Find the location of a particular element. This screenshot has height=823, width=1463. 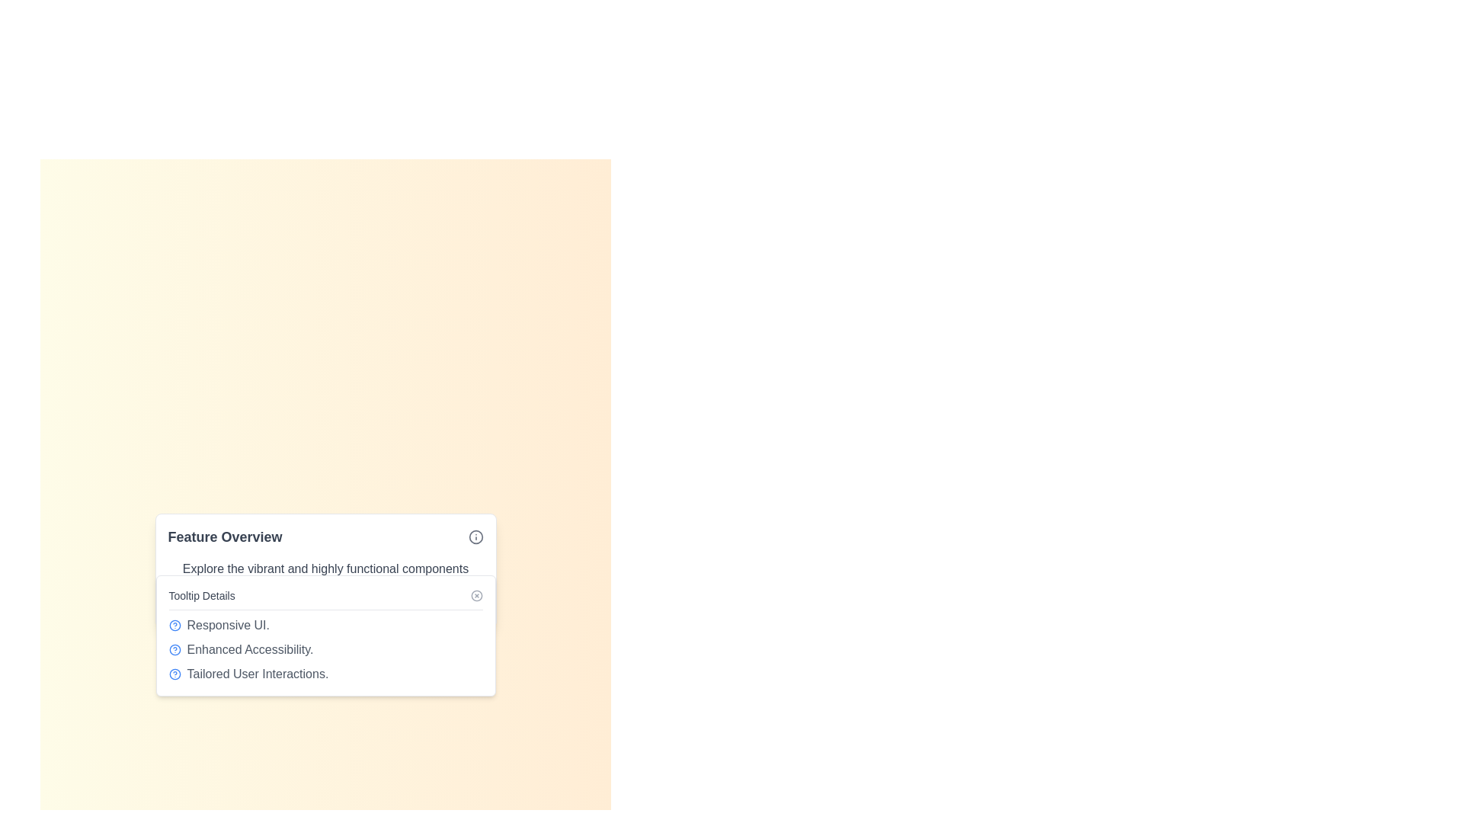

the informational icon button located directly to the left of the text 'Responsive UI.' is located at coordinates (174, 626).